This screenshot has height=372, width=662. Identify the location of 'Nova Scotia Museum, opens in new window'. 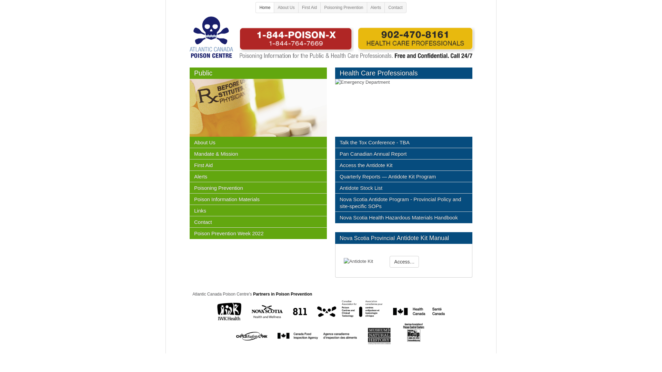
(367, 335).